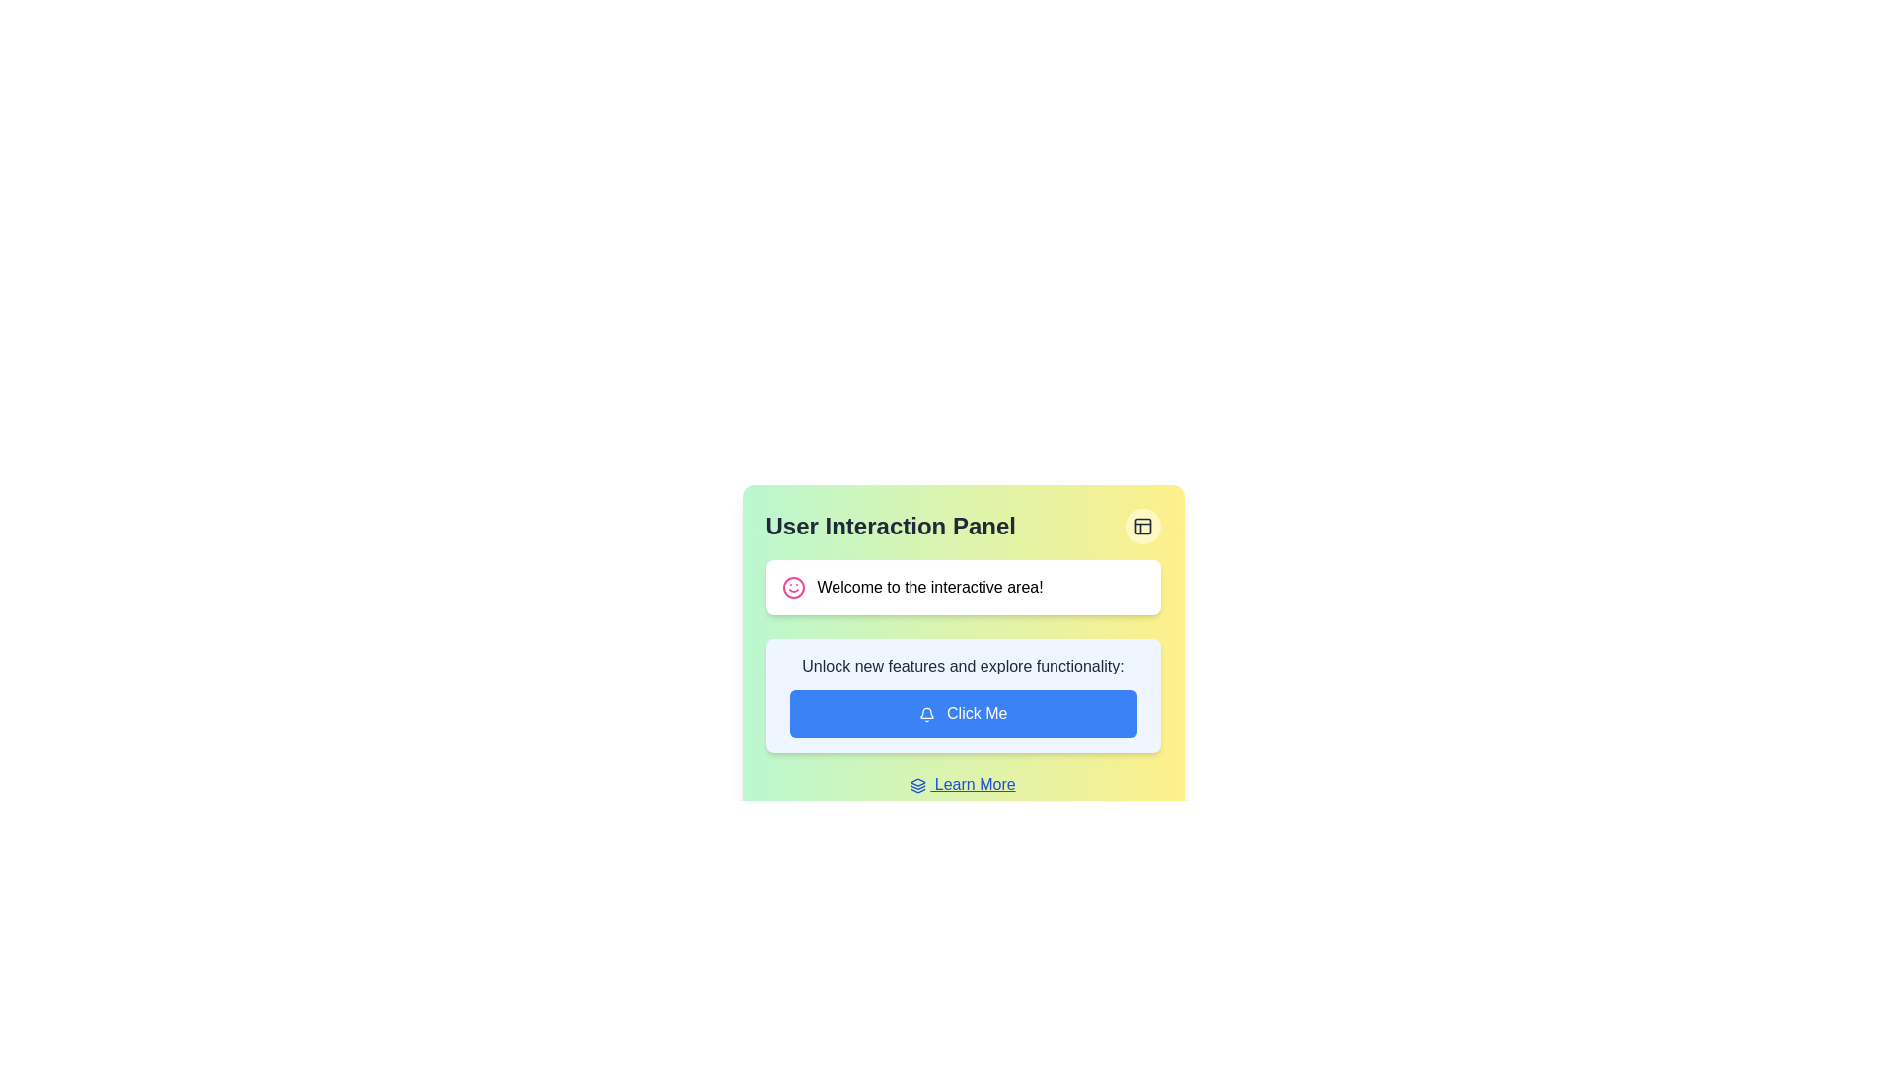  Describe the element at coordinates (963, 587) in the screenshot. I see `the Text block with an accompanying icon that serves as an introduction or welcome message, located beneath the title 'User Interaction Panel'` at that location.